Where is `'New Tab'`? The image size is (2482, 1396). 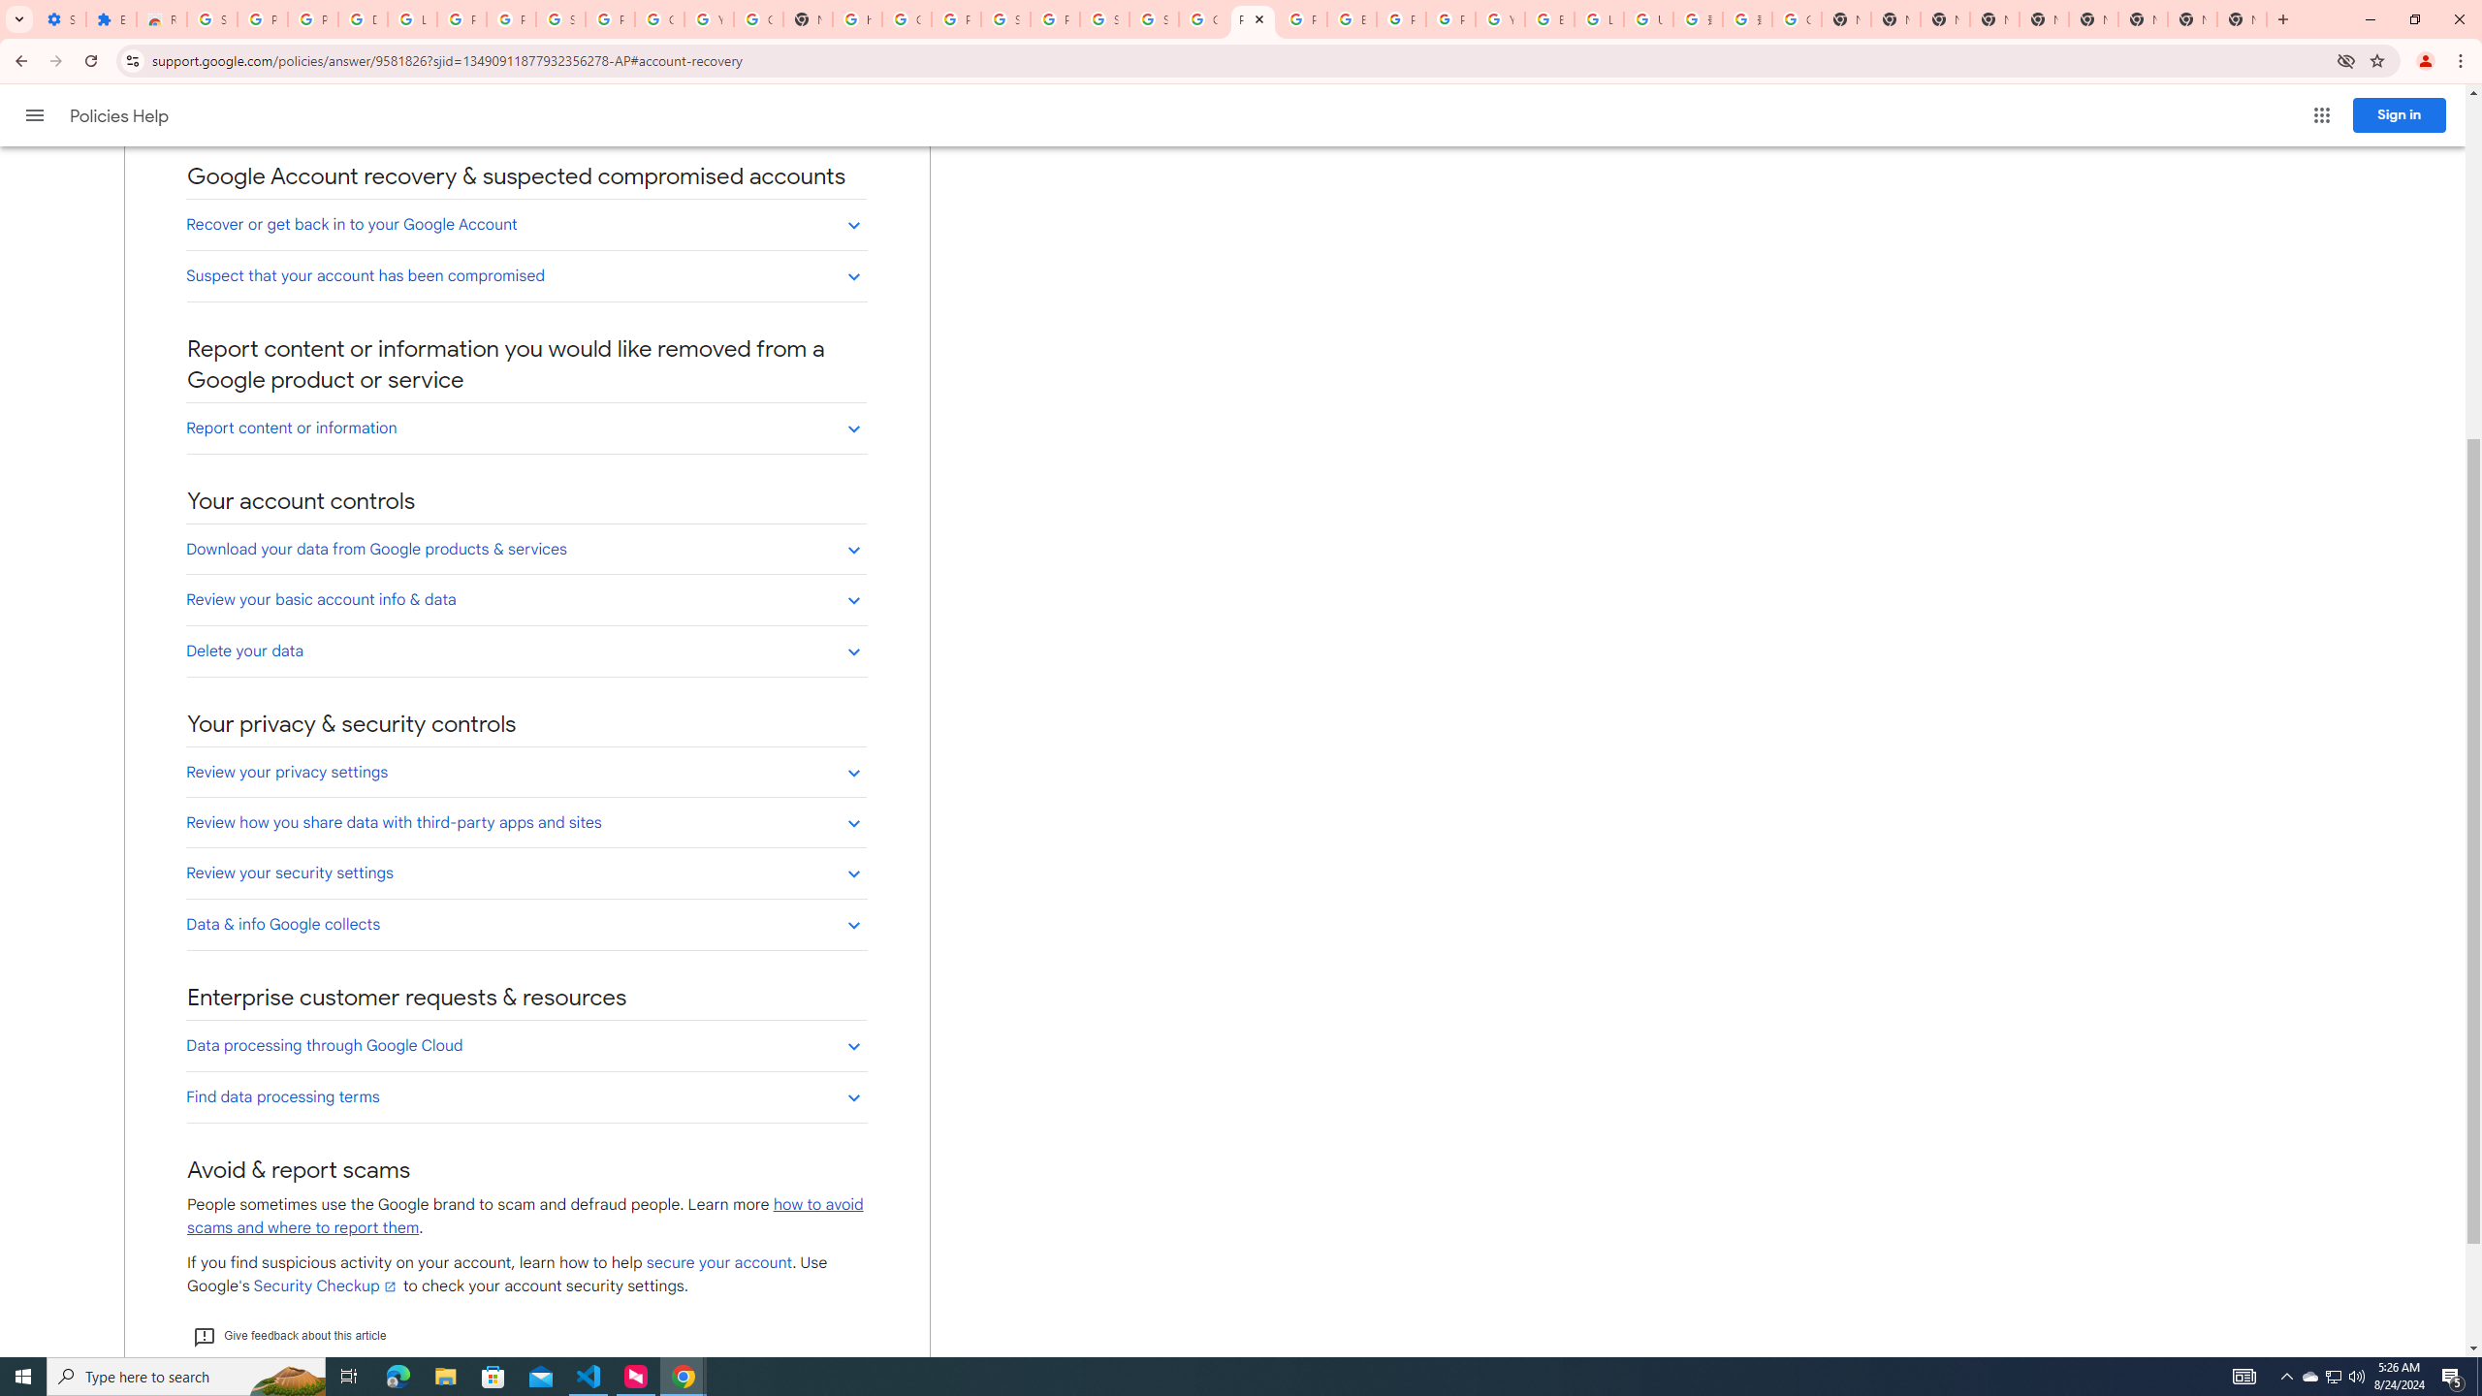
'New Tab' is located at coordinates (2142, 18).